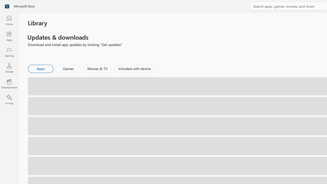  I want to click on 'Included with device', so click(134, 68).